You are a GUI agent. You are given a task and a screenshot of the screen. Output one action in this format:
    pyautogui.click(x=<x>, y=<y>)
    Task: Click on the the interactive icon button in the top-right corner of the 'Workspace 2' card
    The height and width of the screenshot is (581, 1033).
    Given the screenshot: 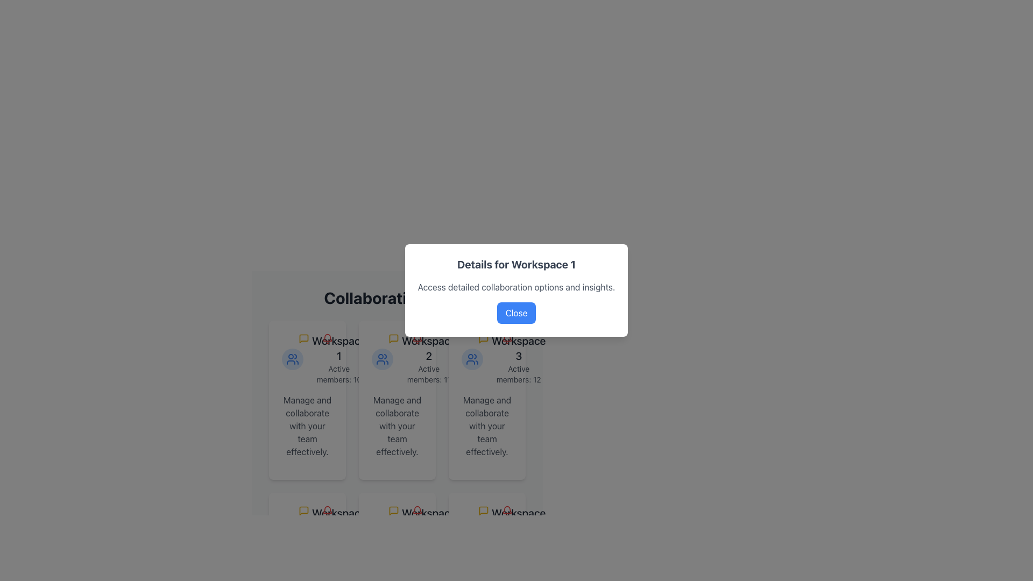 What is the action you would take?
    pyautogui.click(x=405, y=338)
    